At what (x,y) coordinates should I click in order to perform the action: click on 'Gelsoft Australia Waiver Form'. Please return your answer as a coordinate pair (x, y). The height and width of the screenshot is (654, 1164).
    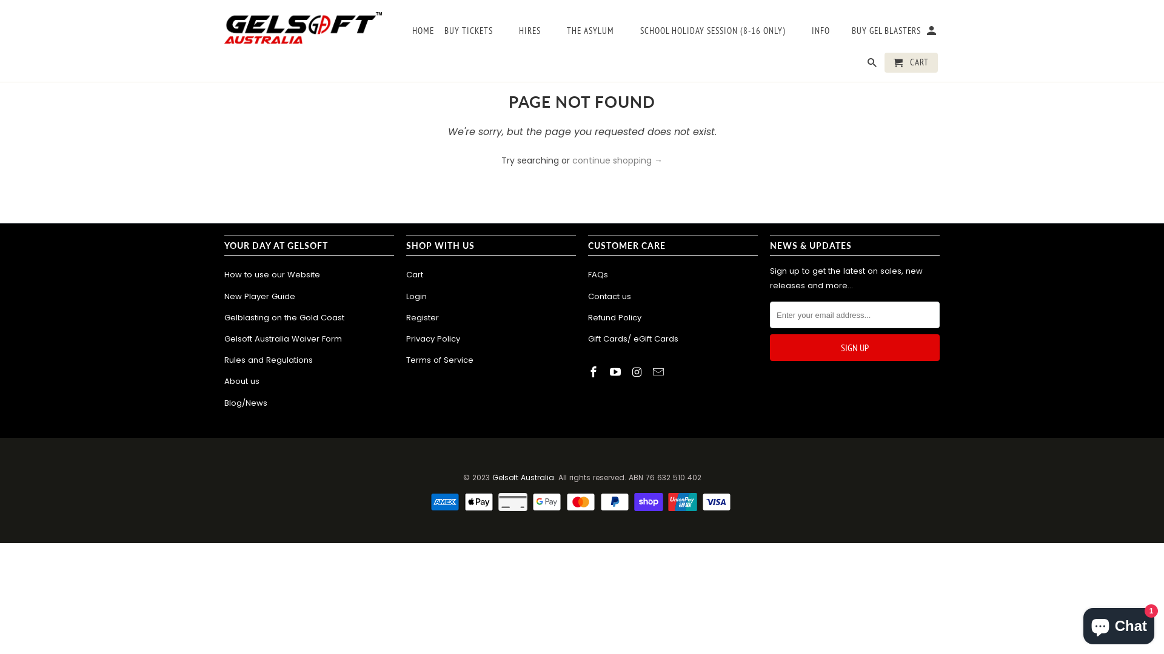
    Looking at the image, I should click on (282, 339).